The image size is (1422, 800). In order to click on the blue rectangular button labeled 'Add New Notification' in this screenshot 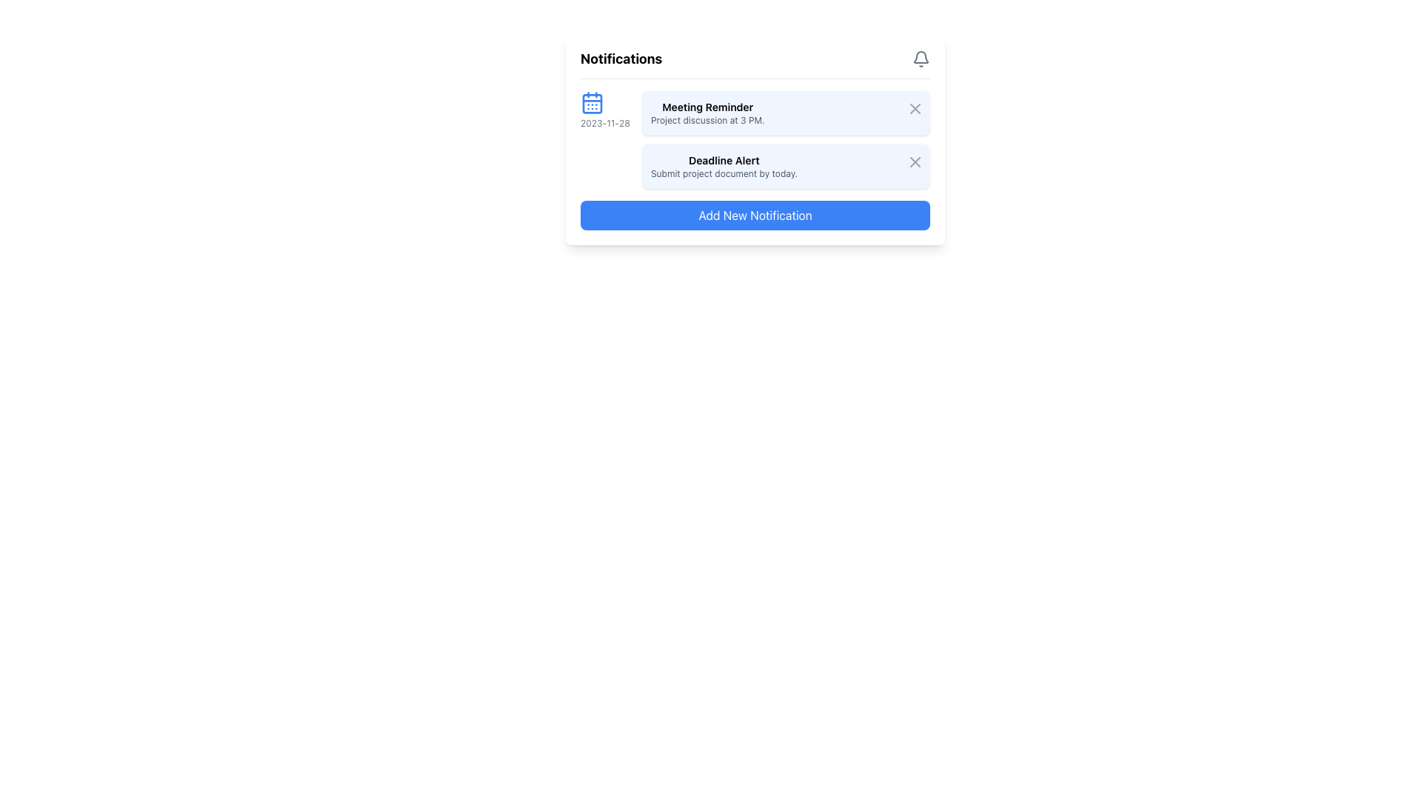, I will do `click(755, 215)`.